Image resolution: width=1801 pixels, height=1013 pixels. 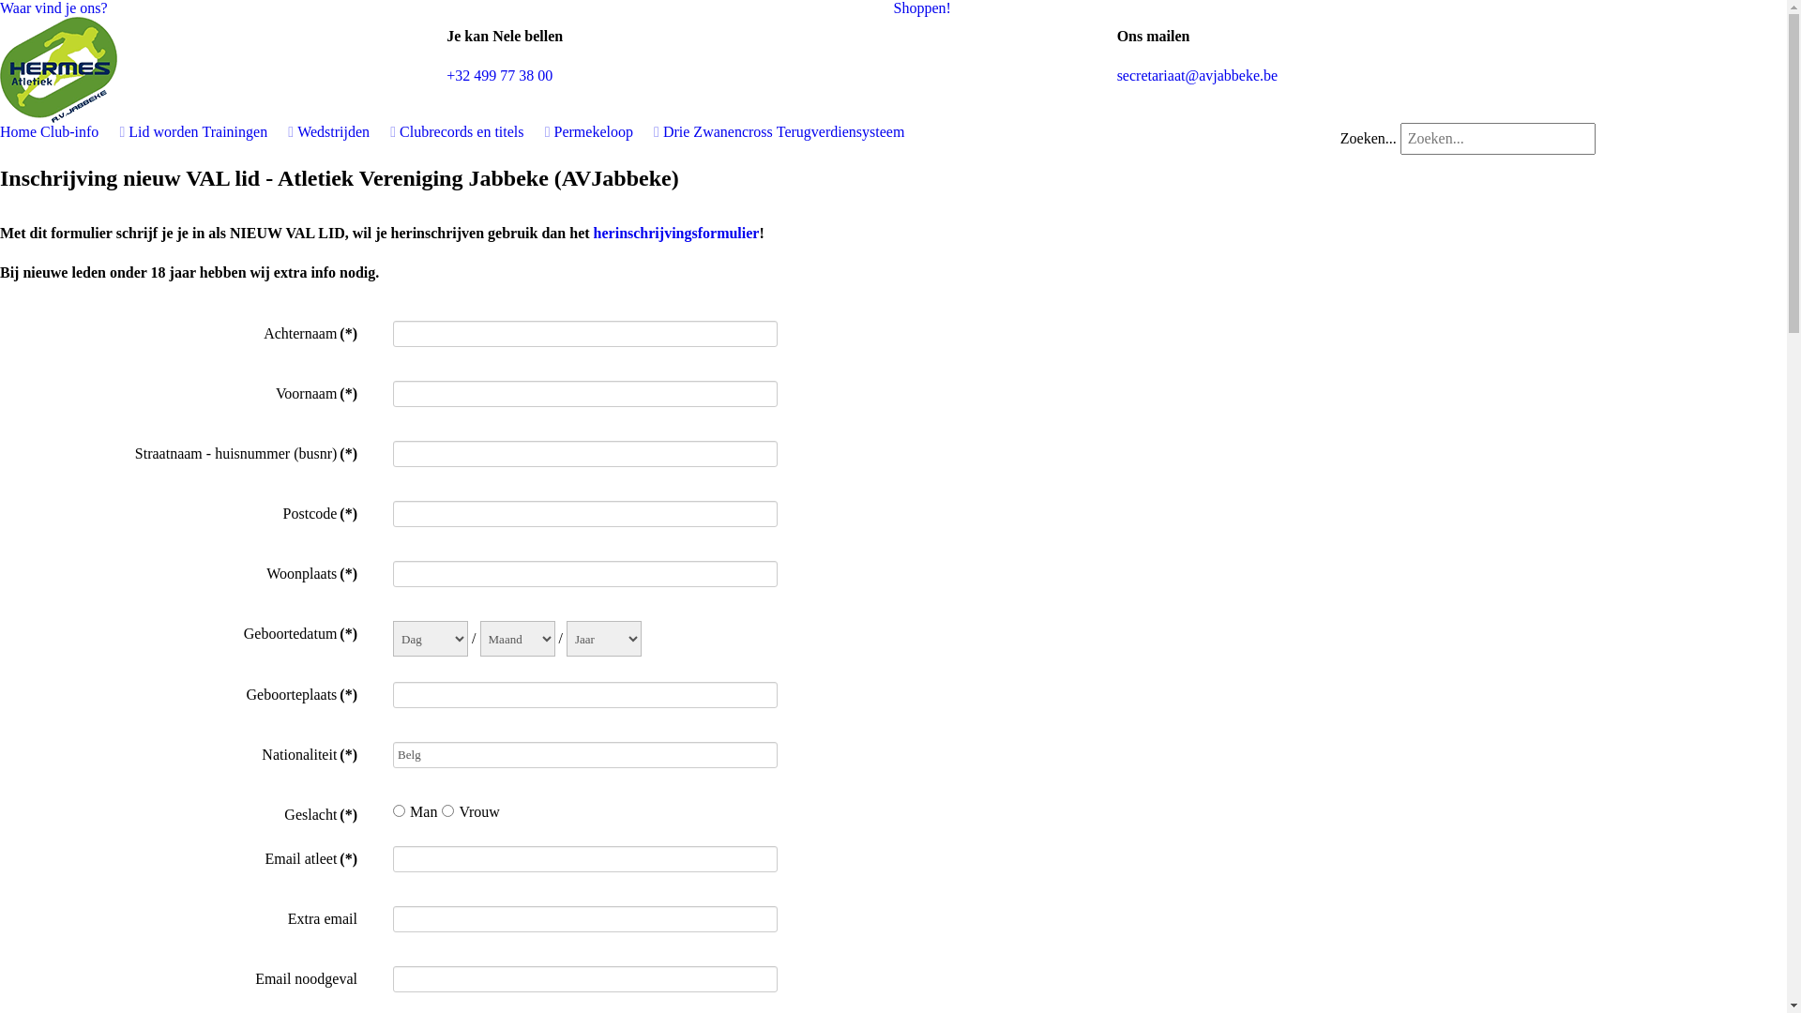 What do you see at coordinates (675, 232) in the screenshot?
I see `'herinschrijvingsformulier'` at bounding box center [675, 232].